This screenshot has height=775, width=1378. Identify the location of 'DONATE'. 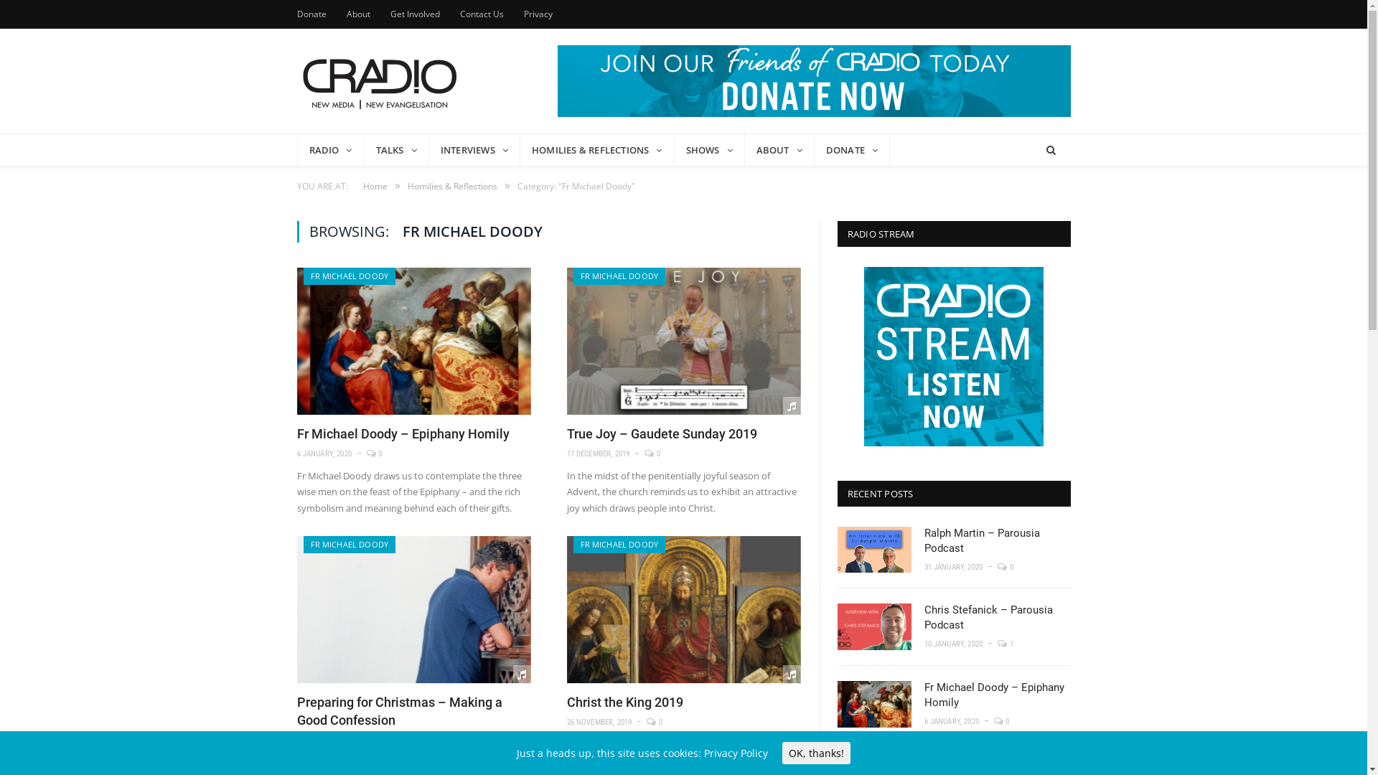
(852, 149).